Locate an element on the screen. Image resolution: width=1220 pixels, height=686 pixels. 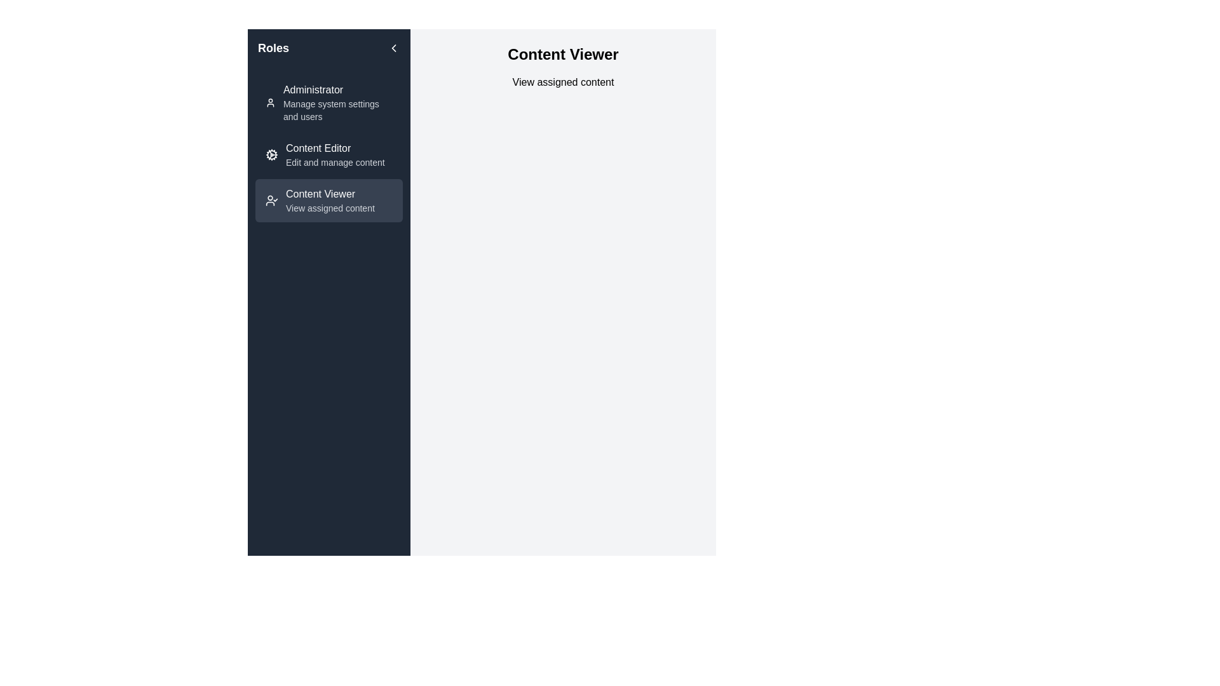
the SVG-based icon for the 'Content Editor' menu item located in the sidebar menu, which serves as a visual cue for editing content is located at coordinates (271, 154).